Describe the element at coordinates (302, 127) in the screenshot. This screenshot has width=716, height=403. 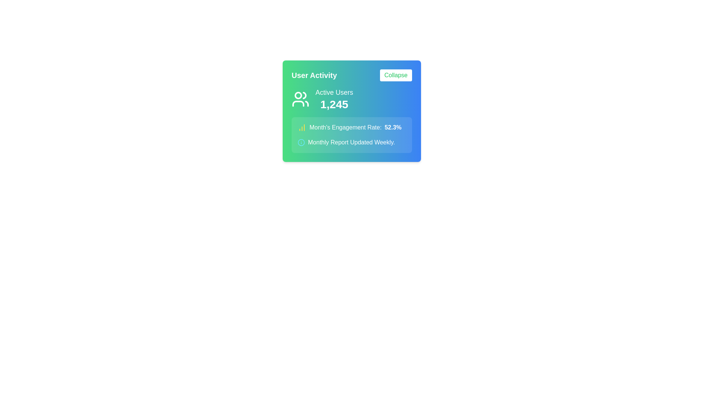
I see `the small yellow bar chart icon indicating increasing bars, located to the left of the text 'Month's Engagement Rate: 52.3%' in the 'User Activity' widget` at that location.